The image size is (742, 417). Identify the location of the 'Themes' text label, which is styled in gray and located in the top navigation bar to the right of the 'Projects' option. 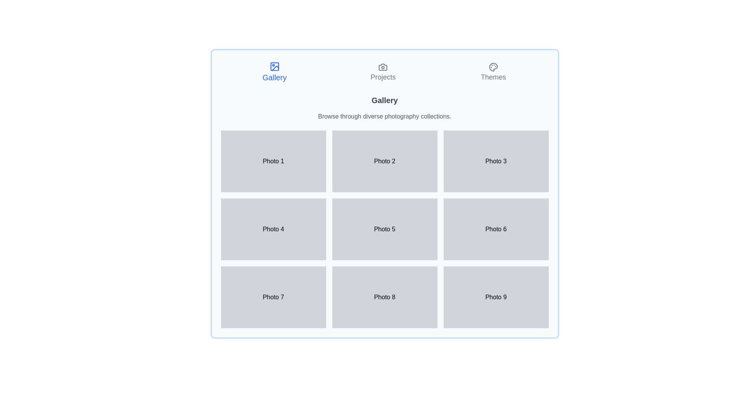
(493, 77).